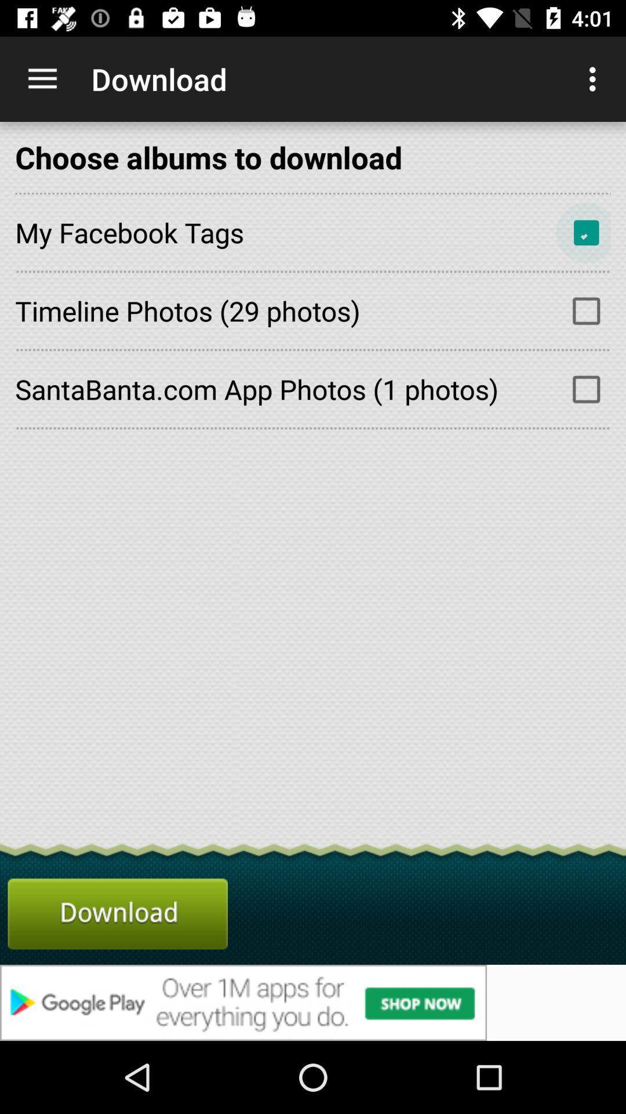 The height and width of the screenshot is (1114, 626). What do you see at coordinates (118, 913) in the screenshot?
I see `download` at bounding box center [118, 913].